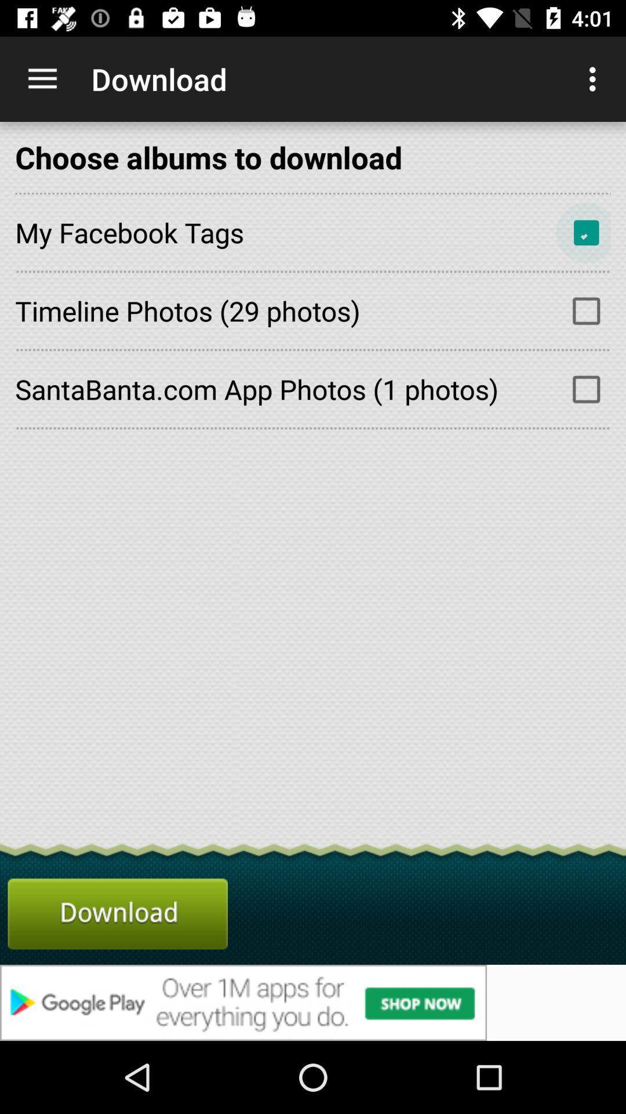 The height and width of the screenshot is (1114, 626). What do you see at coordinates (118, 913) in the screenshot?
I see `download` at bounding box center [118, 913].